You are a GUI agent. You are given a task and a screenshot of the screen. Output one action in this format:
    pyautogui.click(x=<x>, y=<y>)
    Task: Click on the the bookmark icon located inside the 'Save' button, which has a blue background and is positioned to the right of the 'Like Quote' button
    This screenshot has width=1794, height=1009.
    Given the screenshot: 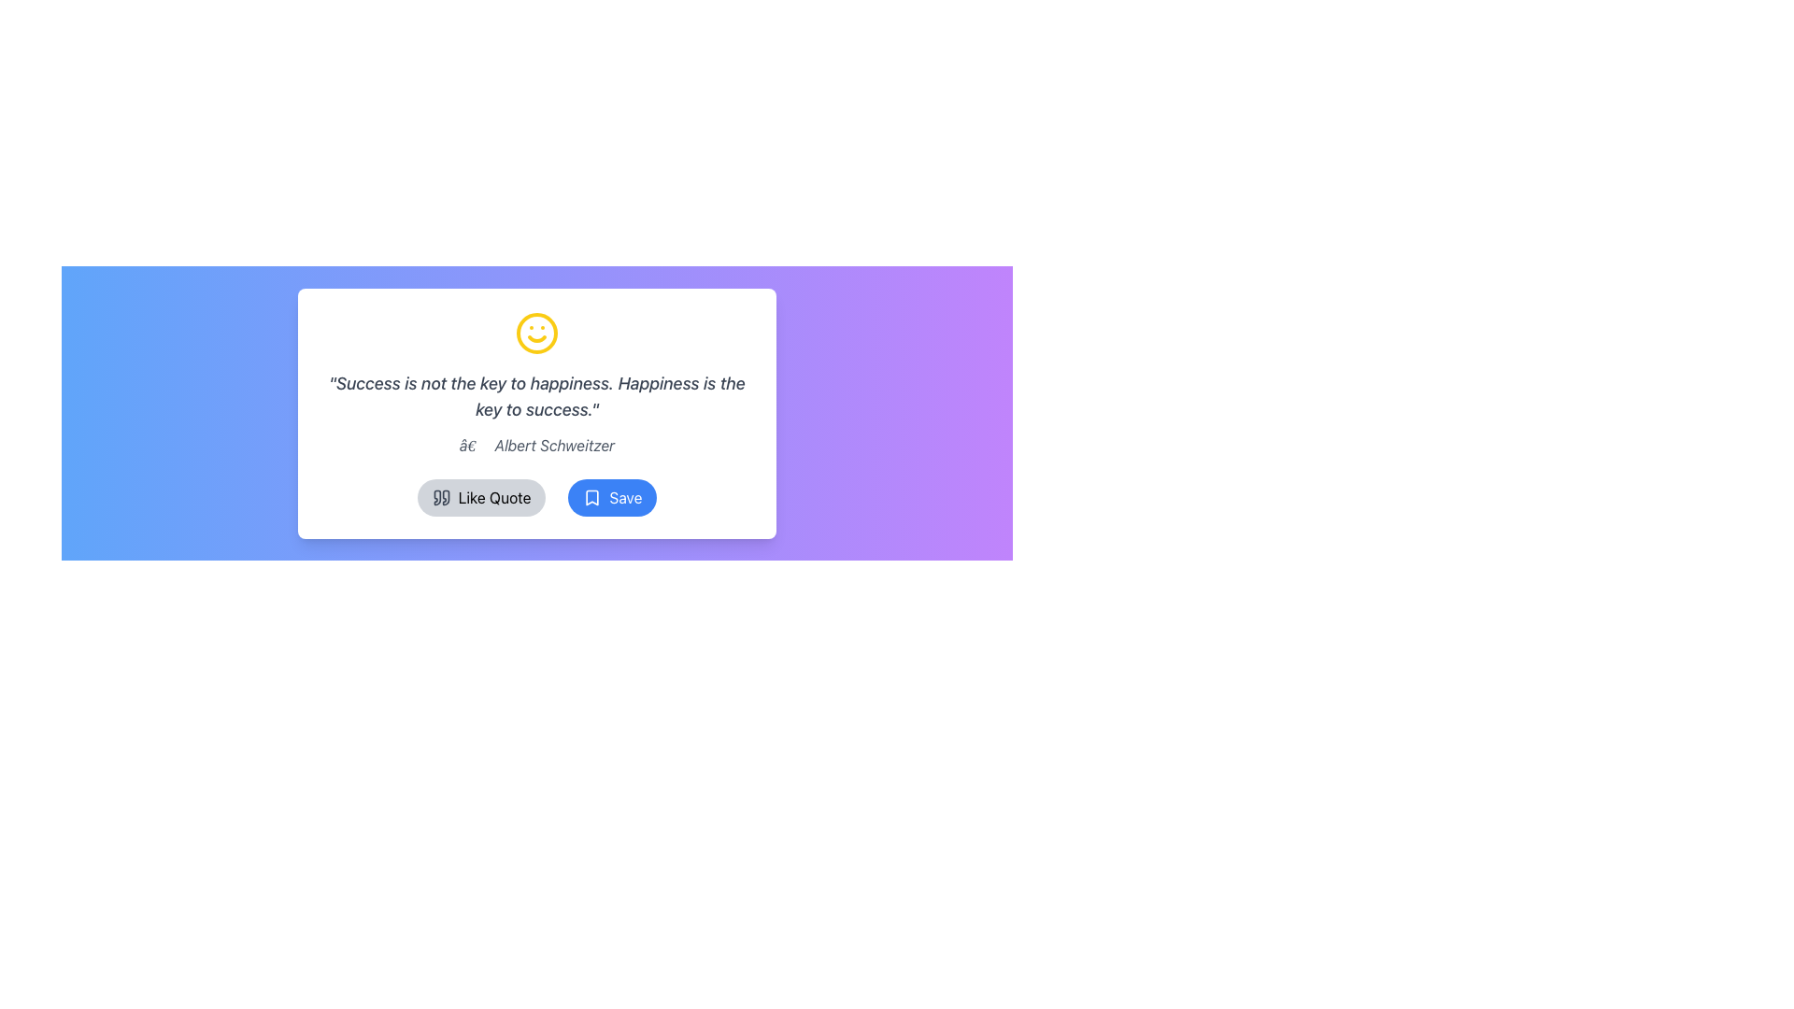 What is the action you would take?
    pyautogui.click(x=591, y=496)
    